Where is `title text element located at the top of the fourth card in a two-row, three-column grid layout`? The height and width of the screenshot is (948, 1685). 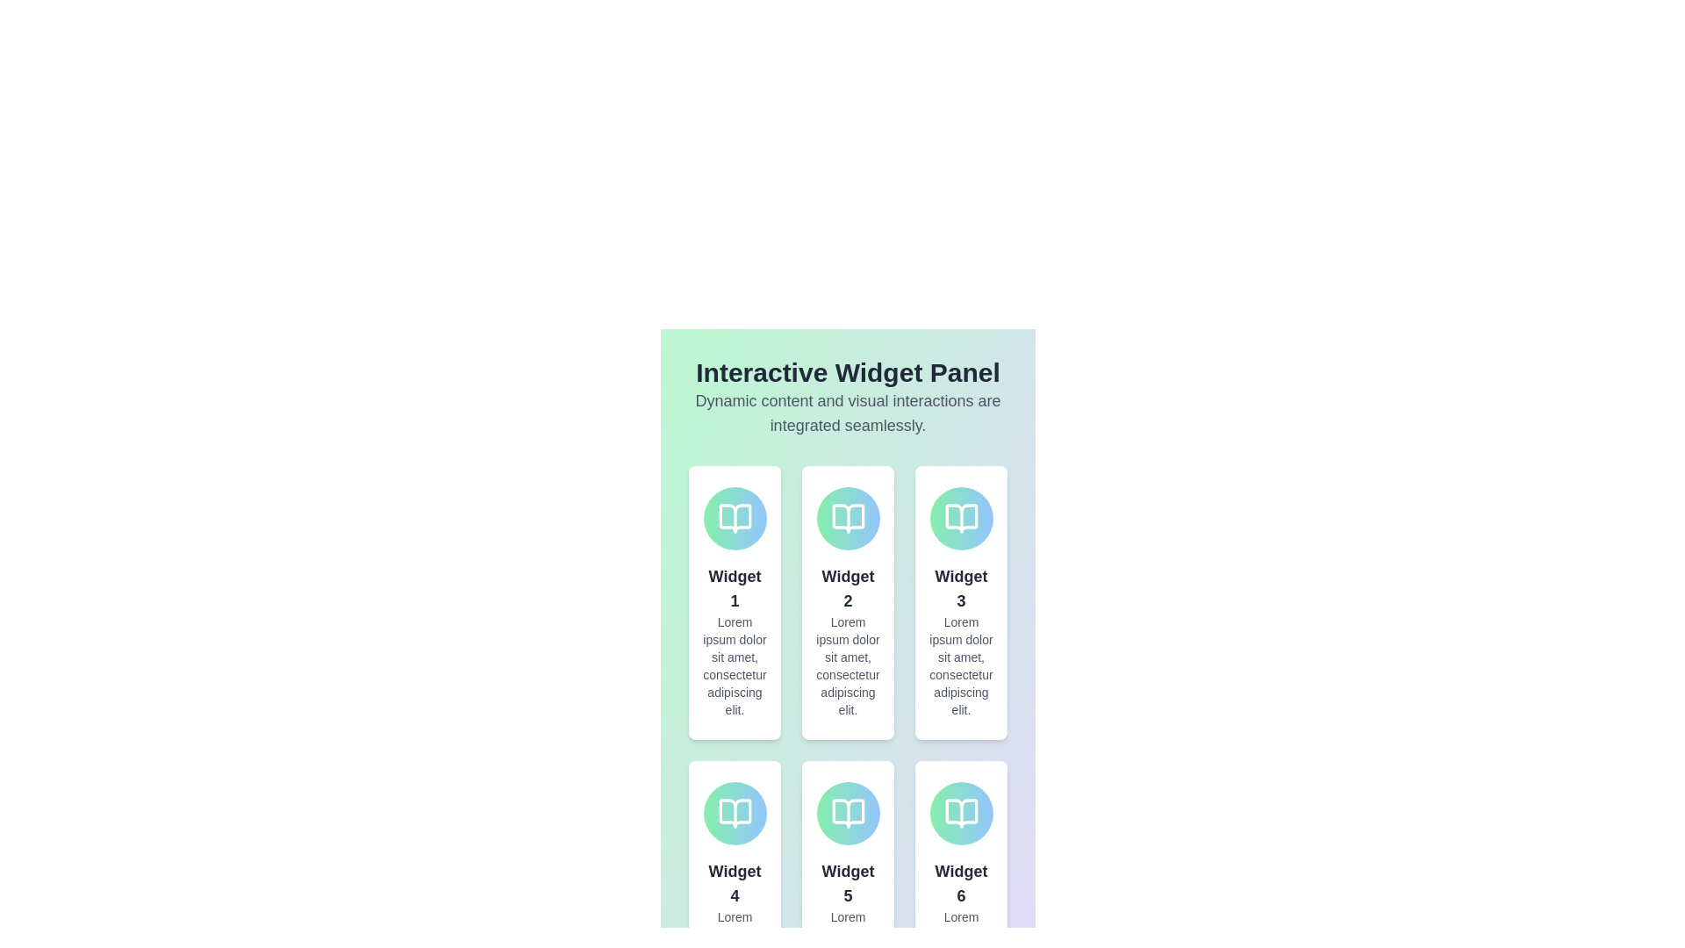
title text element located at the top of the fourth card in a two-row, three-column grid layout is located at coordinates (735, 883).